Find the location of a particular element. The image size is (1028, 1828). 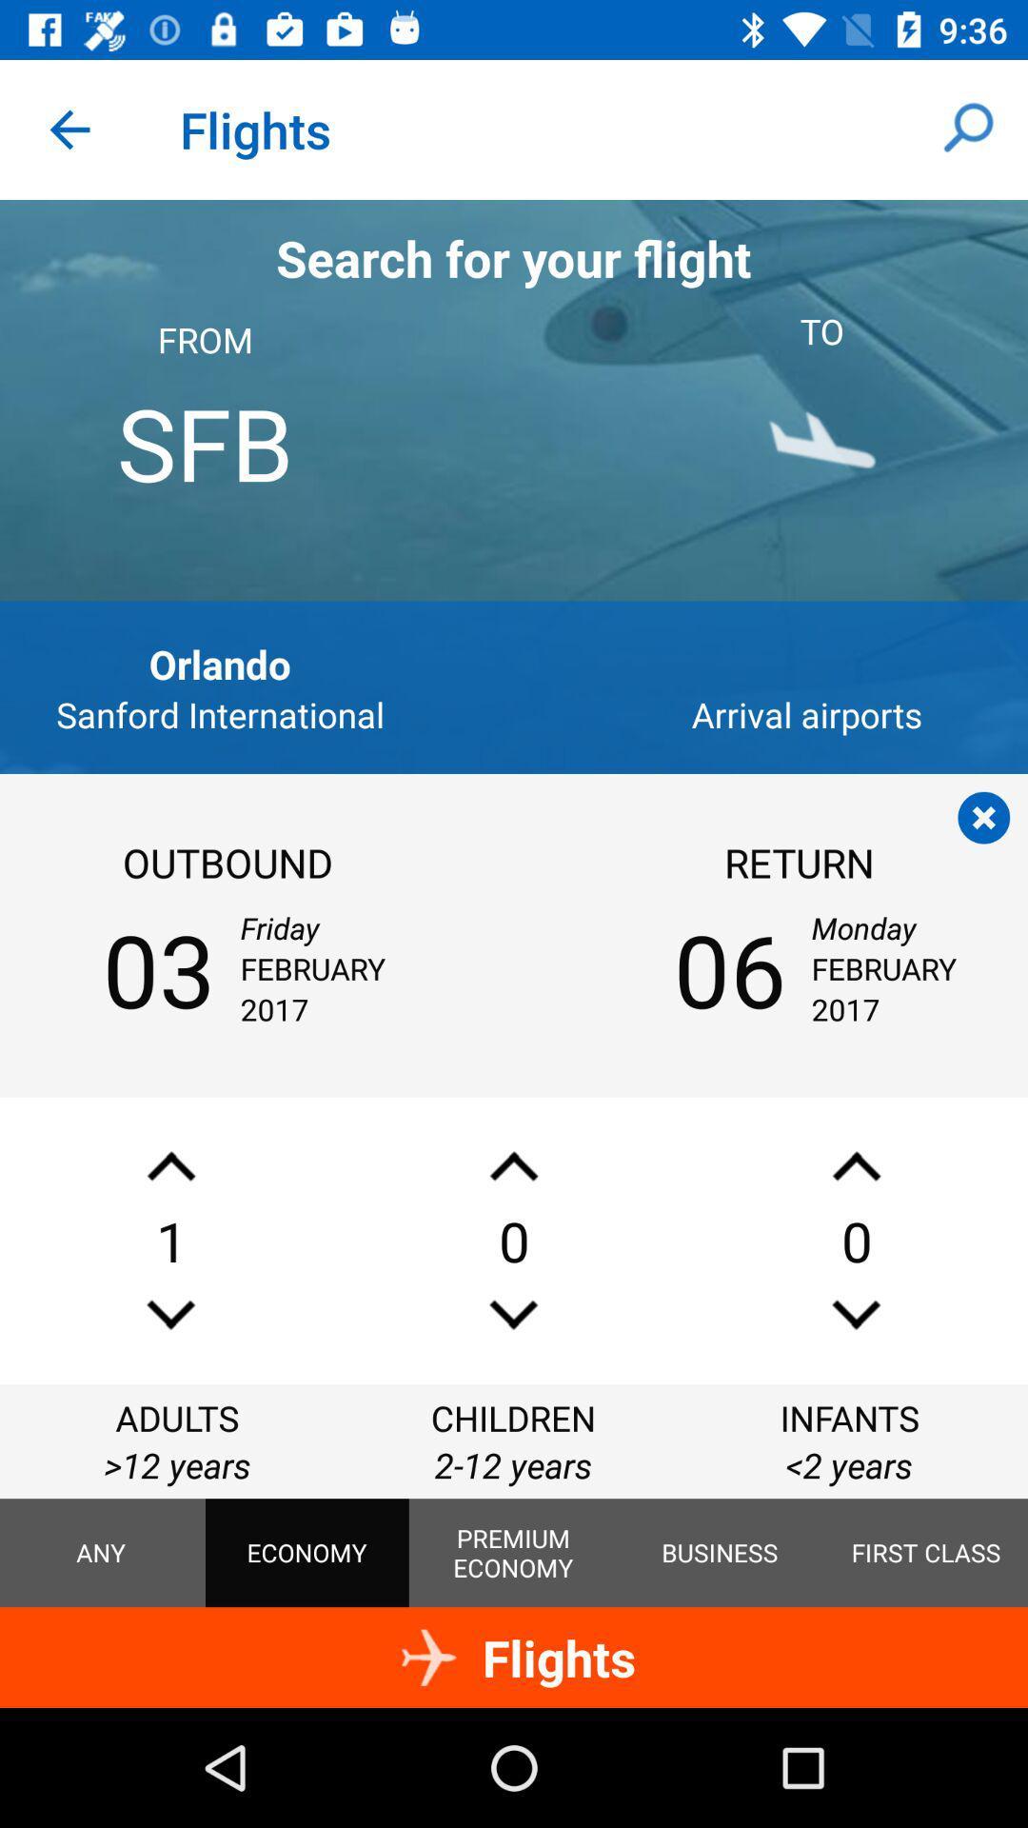

next is located at coordinates (171, 1314).